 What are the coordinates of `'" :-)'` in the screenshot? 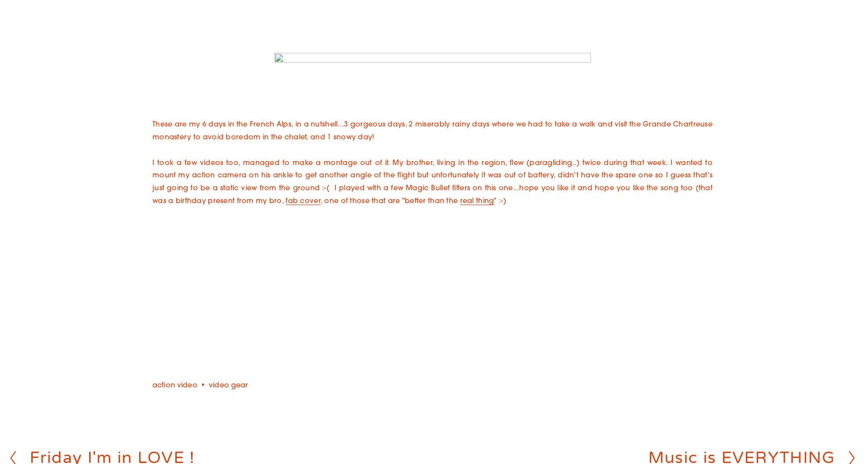 It's located at (501, 200).